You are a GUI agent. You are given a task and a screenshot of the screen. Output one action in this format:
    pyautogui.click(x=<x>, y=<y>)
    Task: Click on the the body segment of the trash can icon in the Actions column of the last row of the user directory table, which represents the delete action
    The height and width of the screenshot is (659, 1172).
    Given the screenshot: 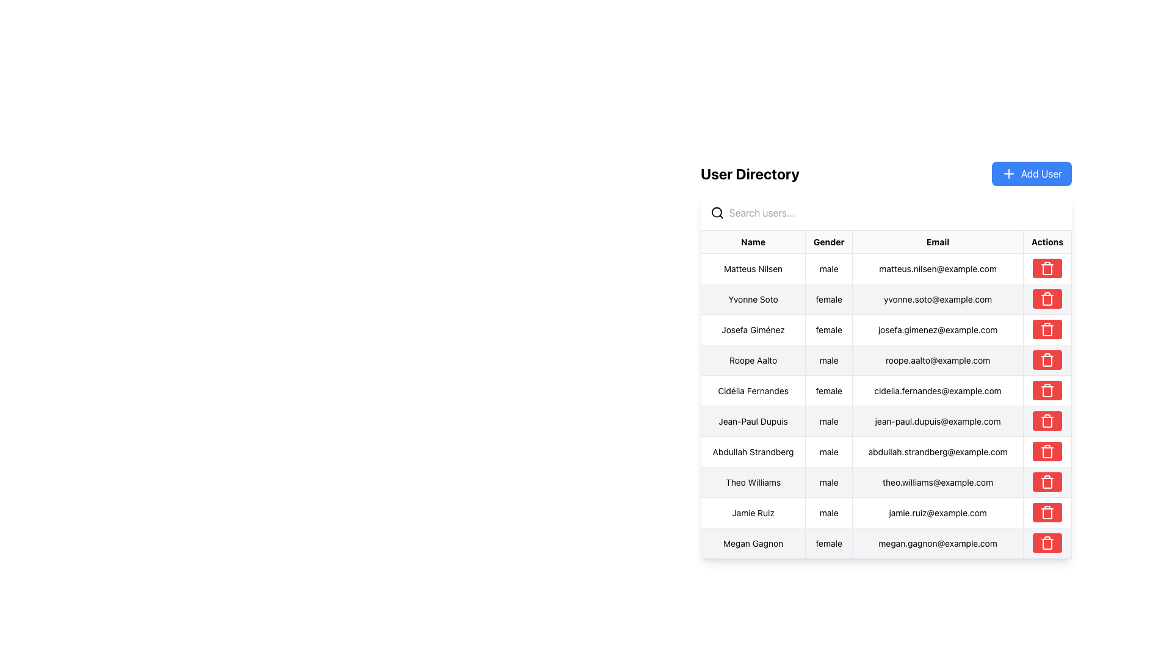 What is the action you would take?
    pyautogui.click(x=1046, y=482)
    